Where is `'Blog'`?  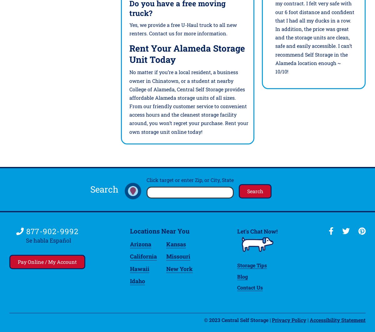
'Blog' is located at coordinates (242, 276).